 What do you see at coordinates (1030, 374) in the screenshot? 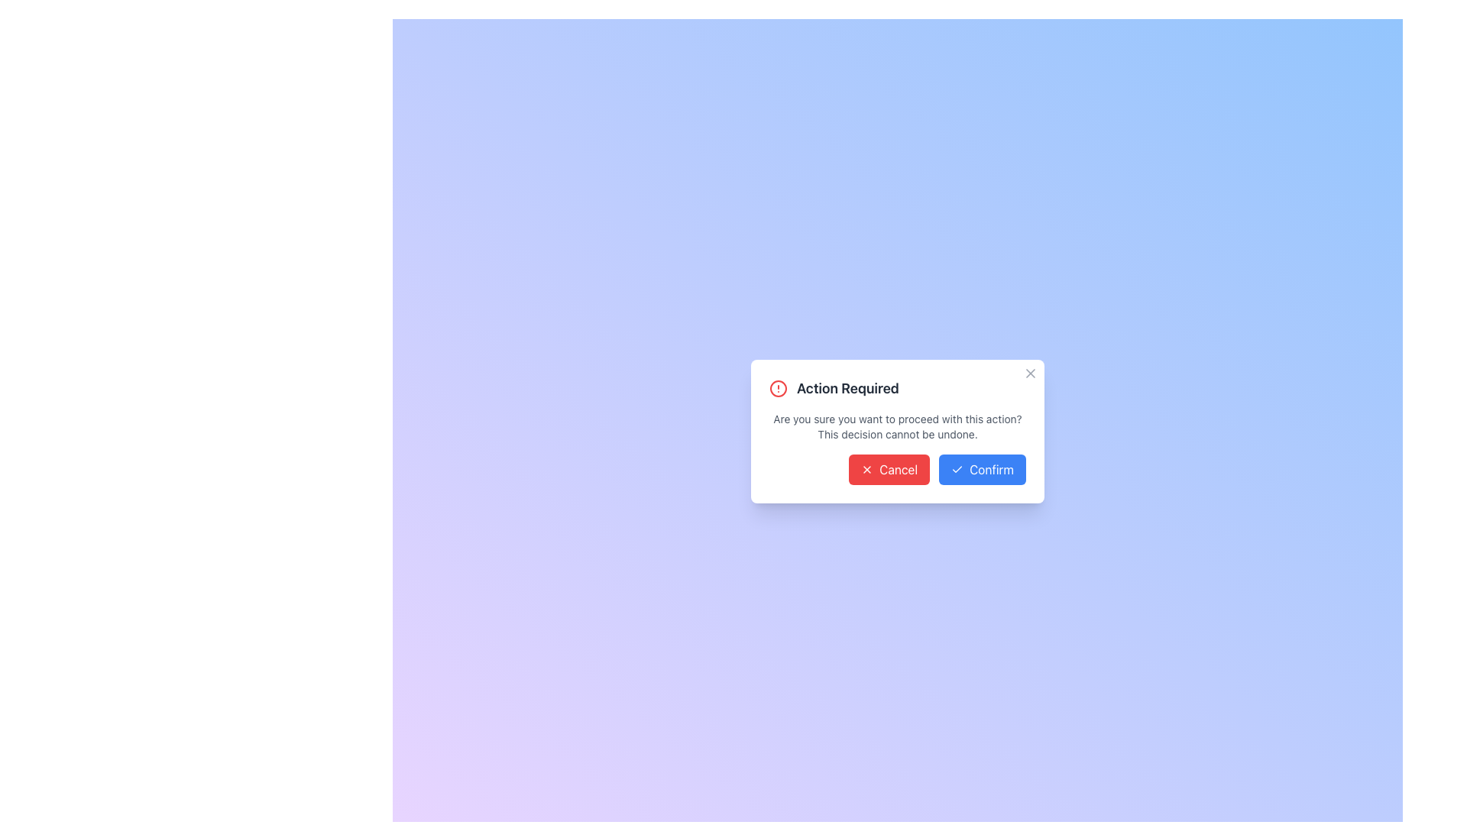
I see `the close button located at the top-right corner of the modal dialog` at bounding box center [1030, 374].